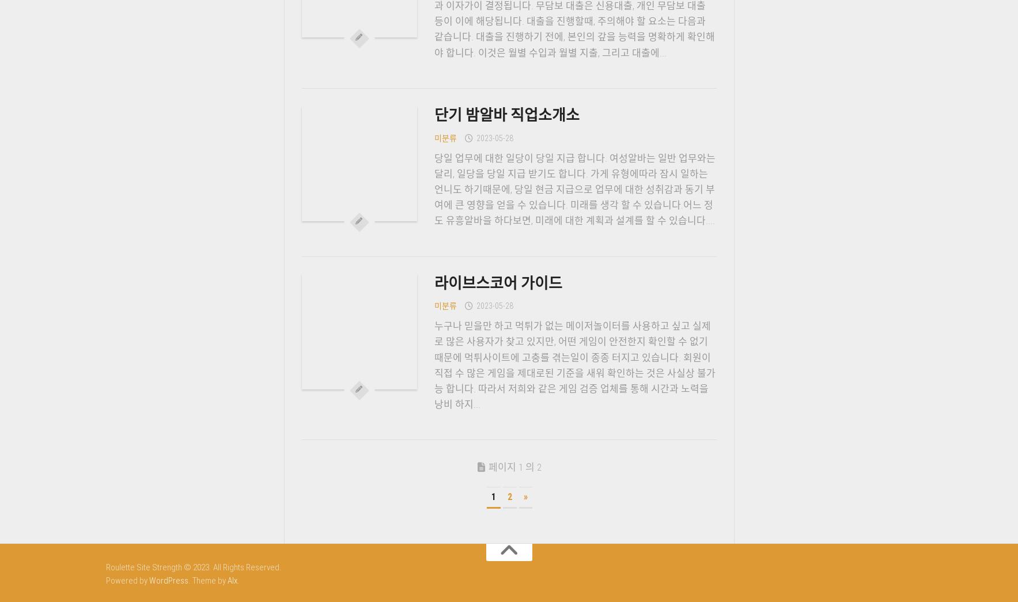 The image size is (1018, 602). What do you see at coordinates (574, 365) in the screenshot?
I see `'누구나 믿을만 하고 먹튀가 없는 메이저놀이터를 사용하고 싶고 실제로 많은 사용자가 찾고 있지만, 어떤 게임이 안전한지 확인할 수 없기 때문에 먹튀사이트에 고충를 겪는일이 종종 터지고 있습니다. 회원이 직접 수 많은 게임을 제대로된 기준을 새워 확인하는 것은 사실상 불가능 합니다. 따라서 저희와 같은 게임 검증 업체를 통해 시간과 노력을 낭비 하지...'` at bounding box center [574, 365].